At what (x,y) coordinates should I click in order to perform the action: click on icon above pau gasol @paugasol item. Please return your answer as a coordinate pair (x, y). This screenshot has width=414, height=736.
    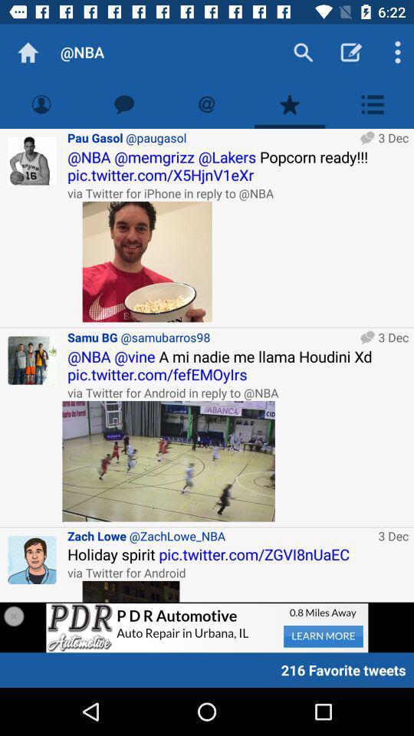
    Looking at the image, I should click on (123, 103).